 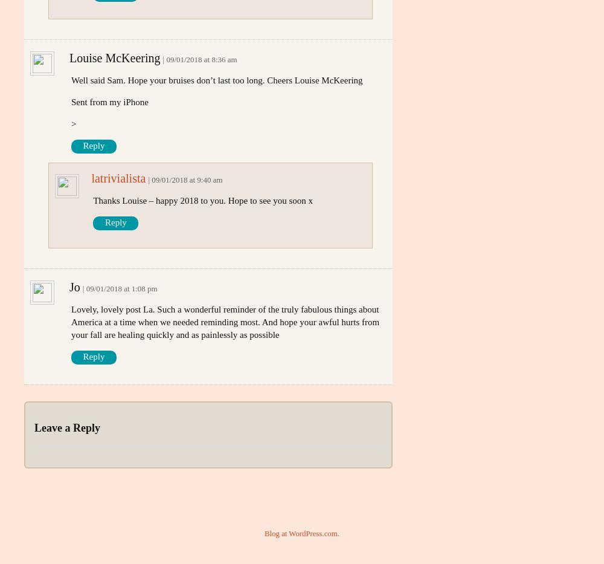 I want to click on 'Blog at WordPress.com.', so click(x=265, y=532).